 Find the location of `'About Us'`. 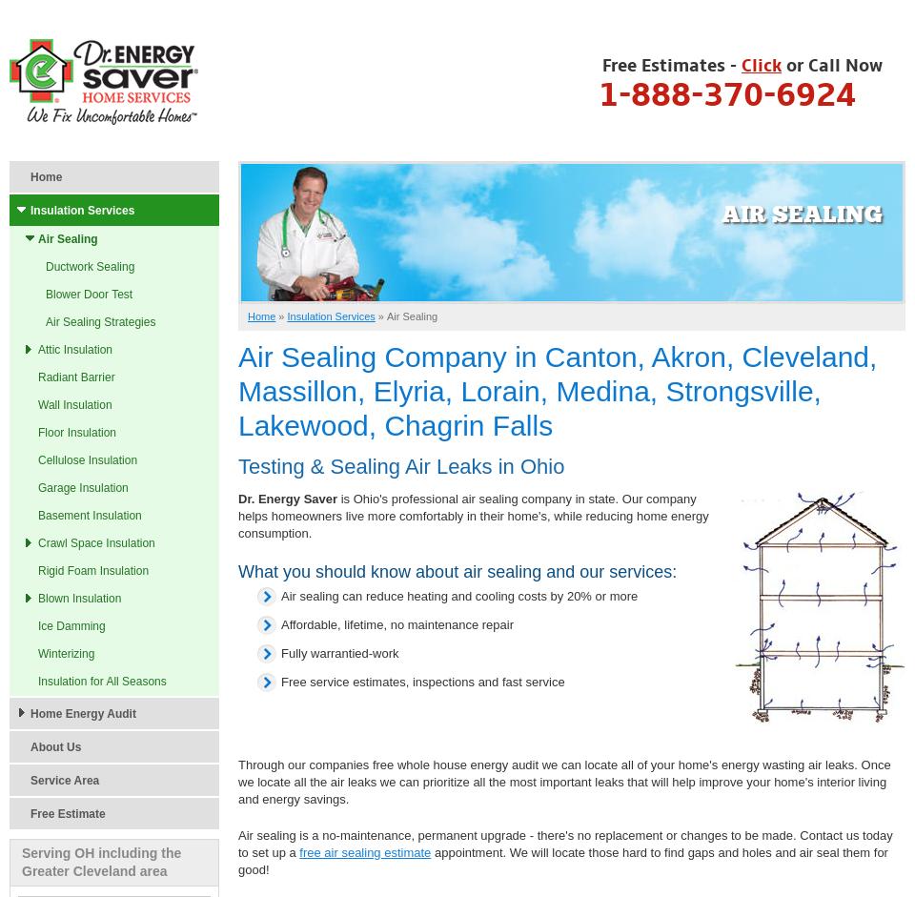

'About Us' is located at coordinates (54, 747).